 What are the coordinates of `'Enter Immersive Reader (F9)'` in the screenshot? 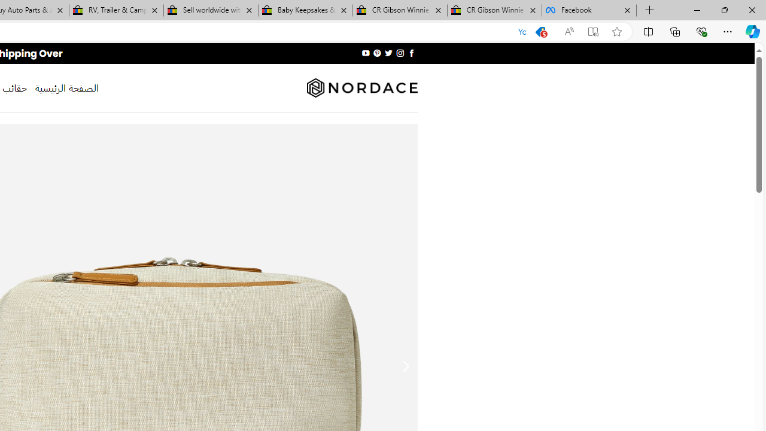 It's located at (593, 31).